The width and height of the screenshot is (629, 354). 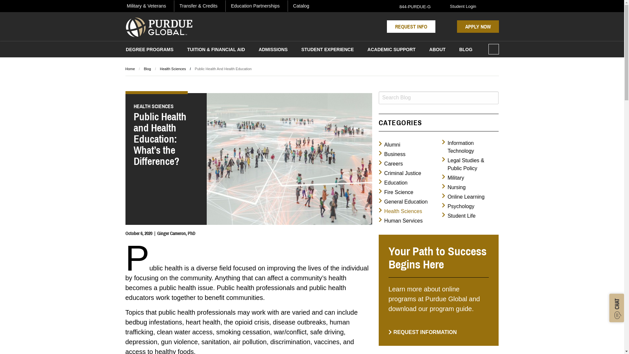 I want to click on 'Home', so click(x=125, y=69).